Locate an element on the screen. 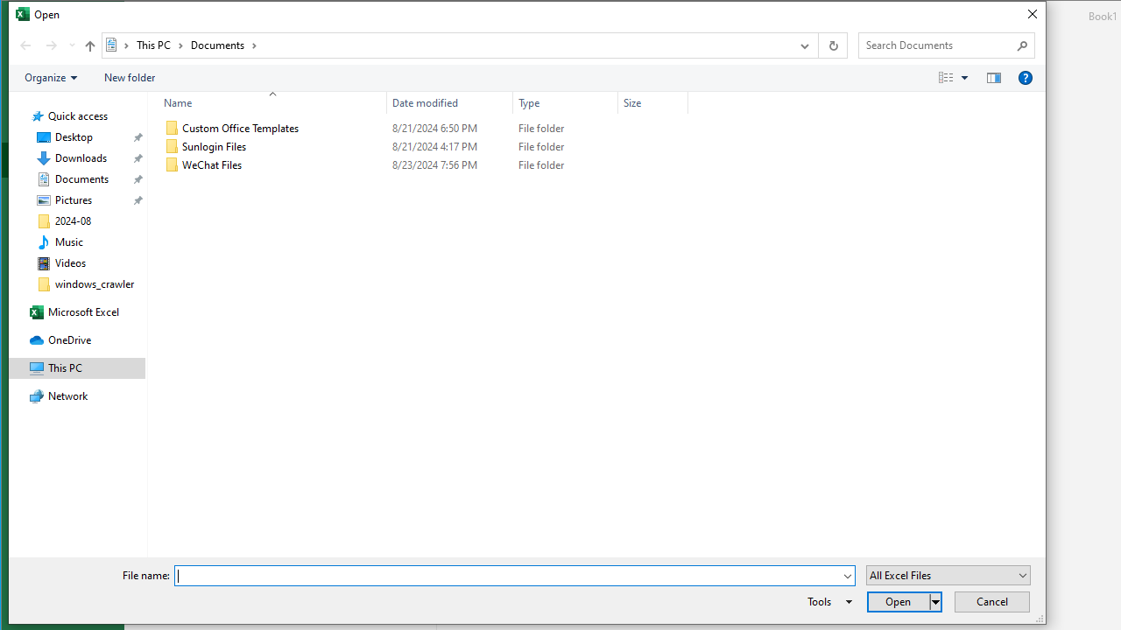 Image resolution: width=1121 pixels, height=630 pixels. 'Search' is located at coordinates (1023, 44).